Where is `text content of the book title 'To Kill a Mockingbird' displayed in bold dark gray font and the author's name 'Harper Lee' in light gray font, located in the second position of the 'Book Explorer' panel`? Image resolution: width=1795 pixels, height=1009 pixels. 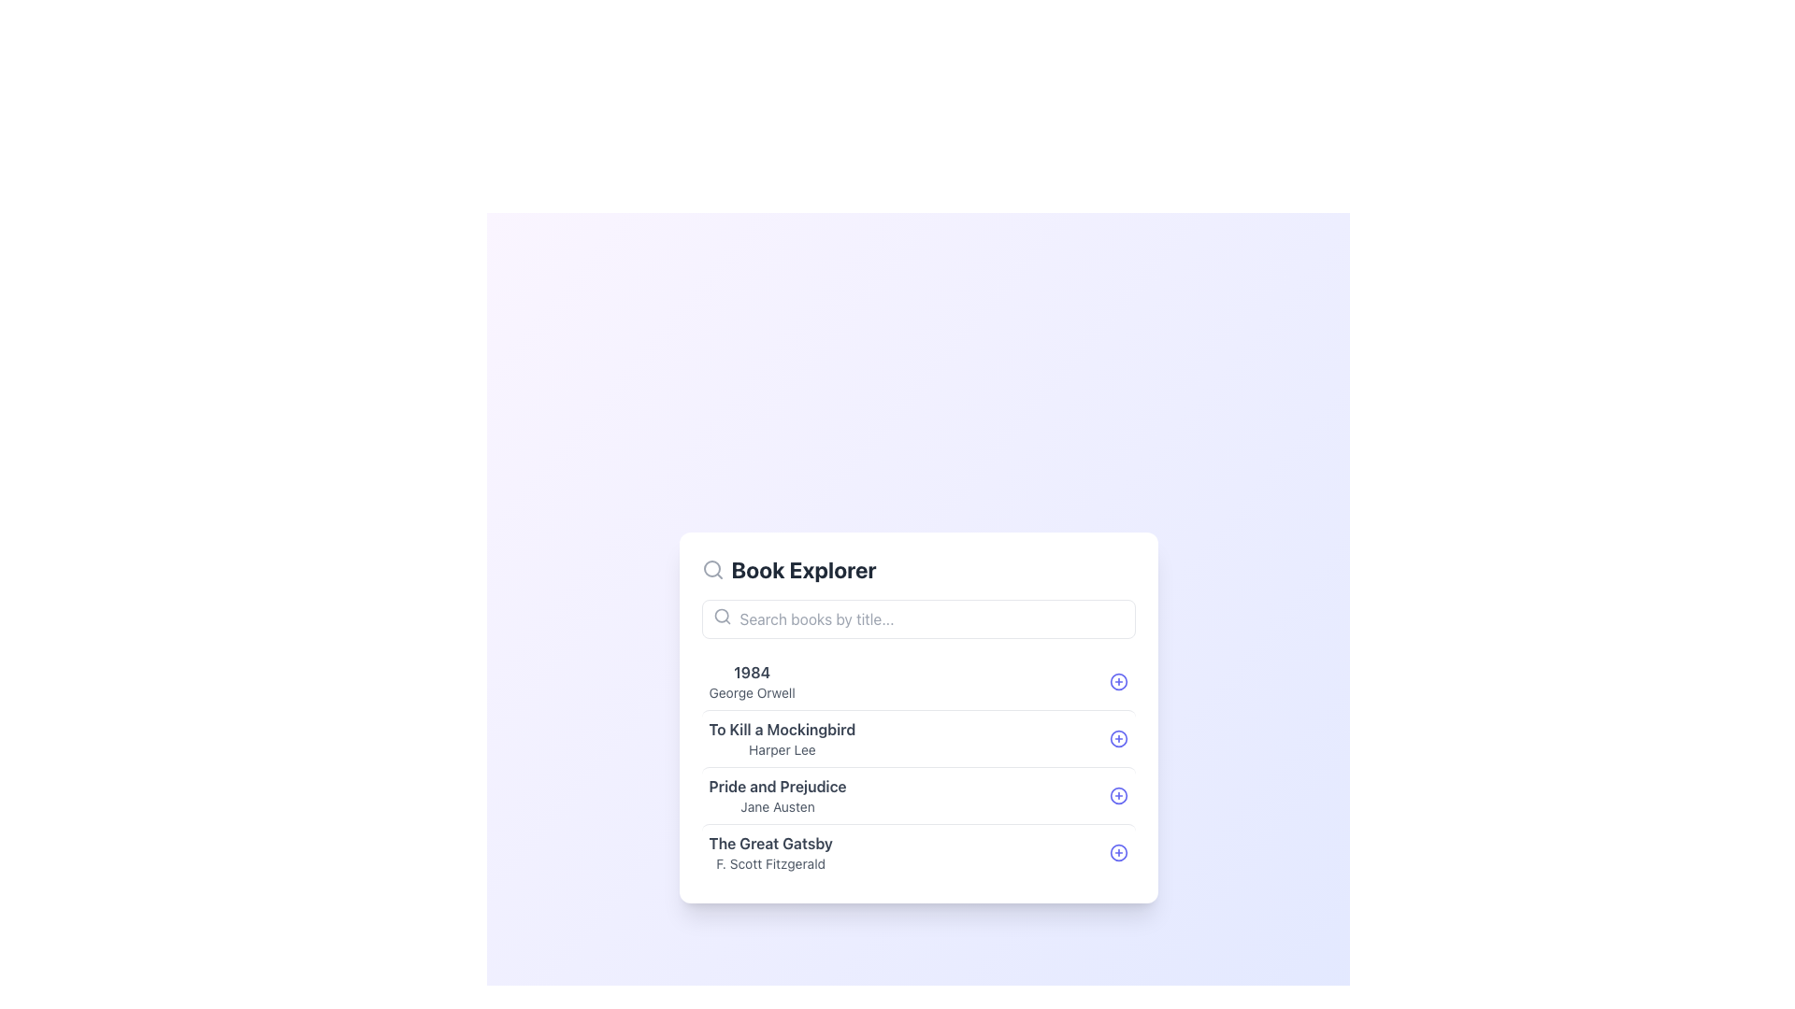 text content of the book title 'To Kill a Mockingbird' displayed in bold dark gray font and the author's name 'Harper Lee' in light gray font, located in the second position of the 'Book Explorer' panel is located at coordinates (782, 737).